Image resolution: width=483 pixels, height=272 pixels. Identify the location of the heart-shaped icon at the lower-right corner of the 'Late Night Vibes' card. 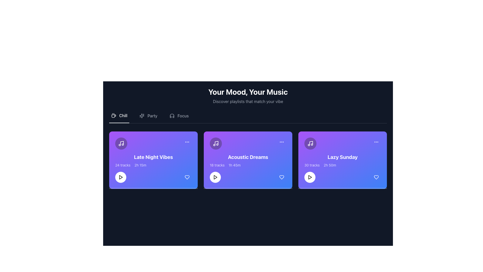
(187, 177).